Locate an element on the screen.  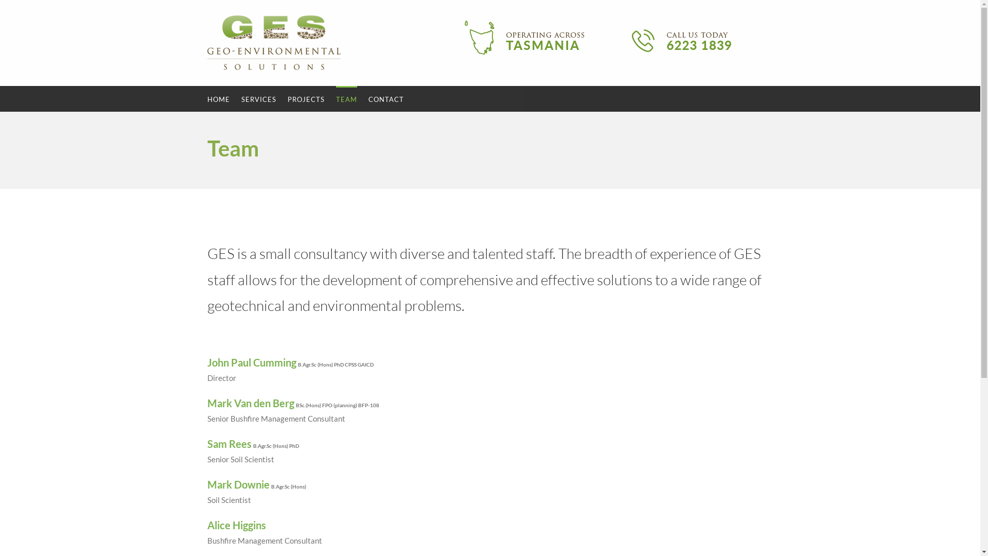
'CONTACT' is located at coordinates (385, 99).